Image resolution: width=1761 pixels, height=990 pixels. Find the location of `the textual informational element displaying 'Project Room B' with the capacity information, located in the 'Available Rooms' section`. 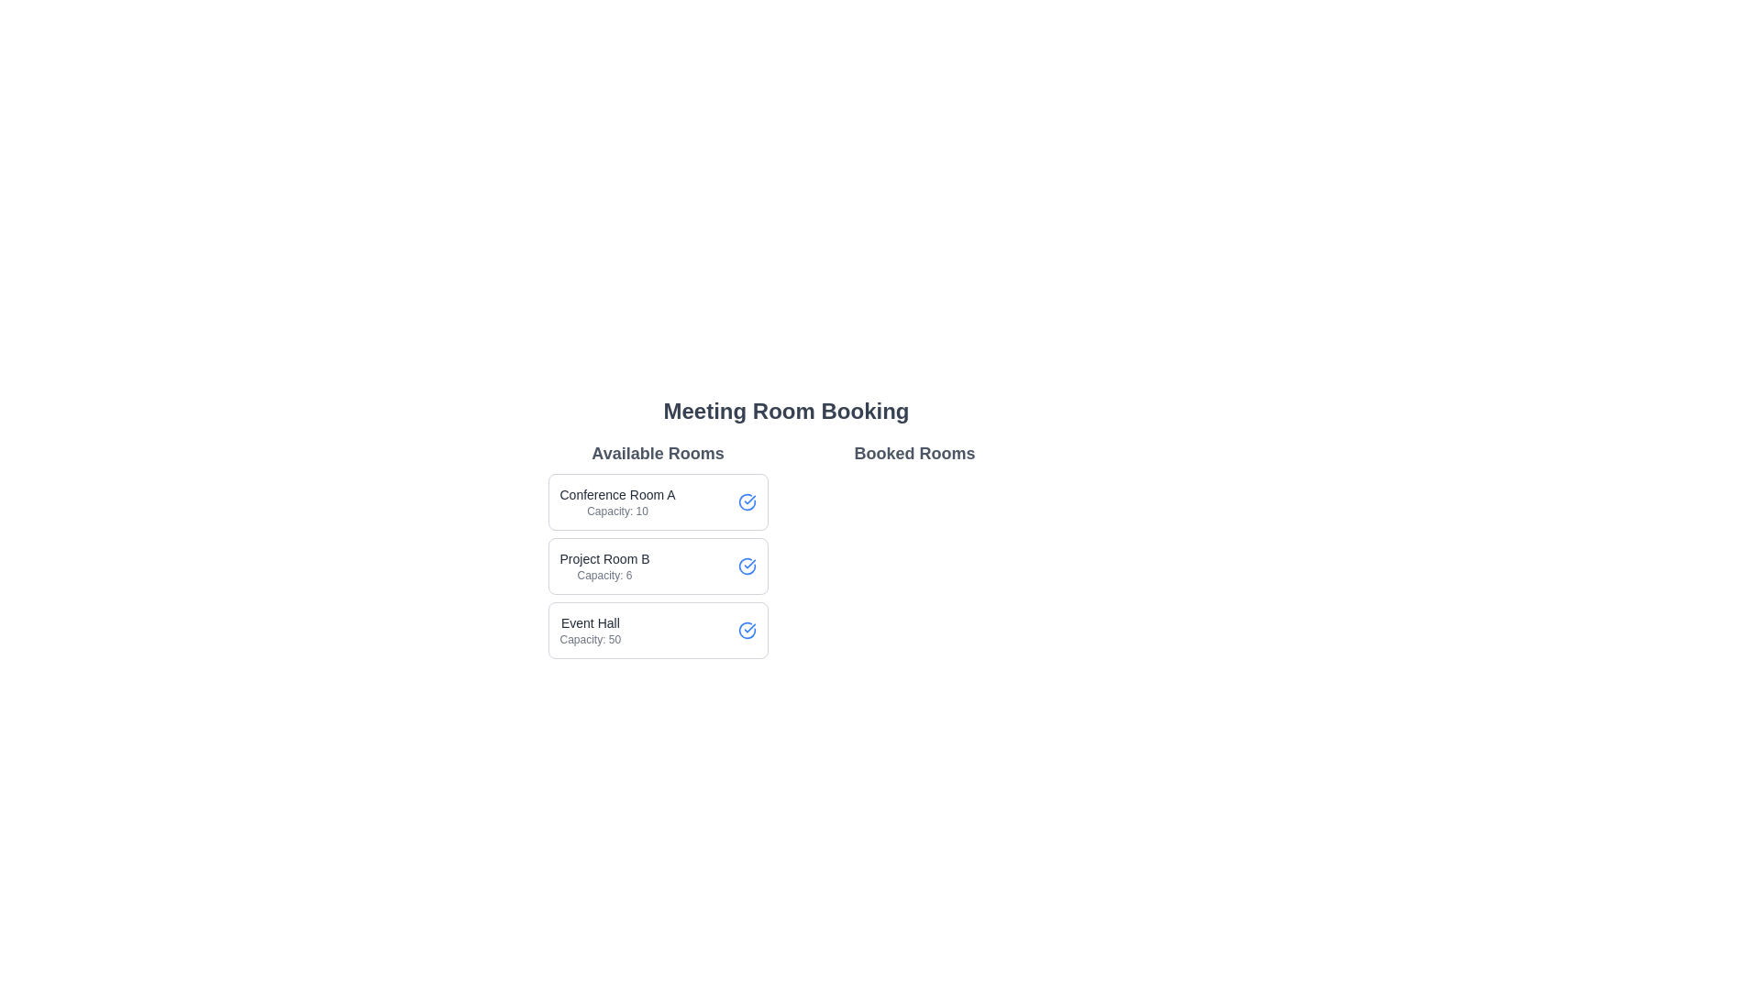

the textual informational element displaying 'Project Room B' with the capacity information, located in the 'Available Rooms' section is located at coordinates (604, 565).